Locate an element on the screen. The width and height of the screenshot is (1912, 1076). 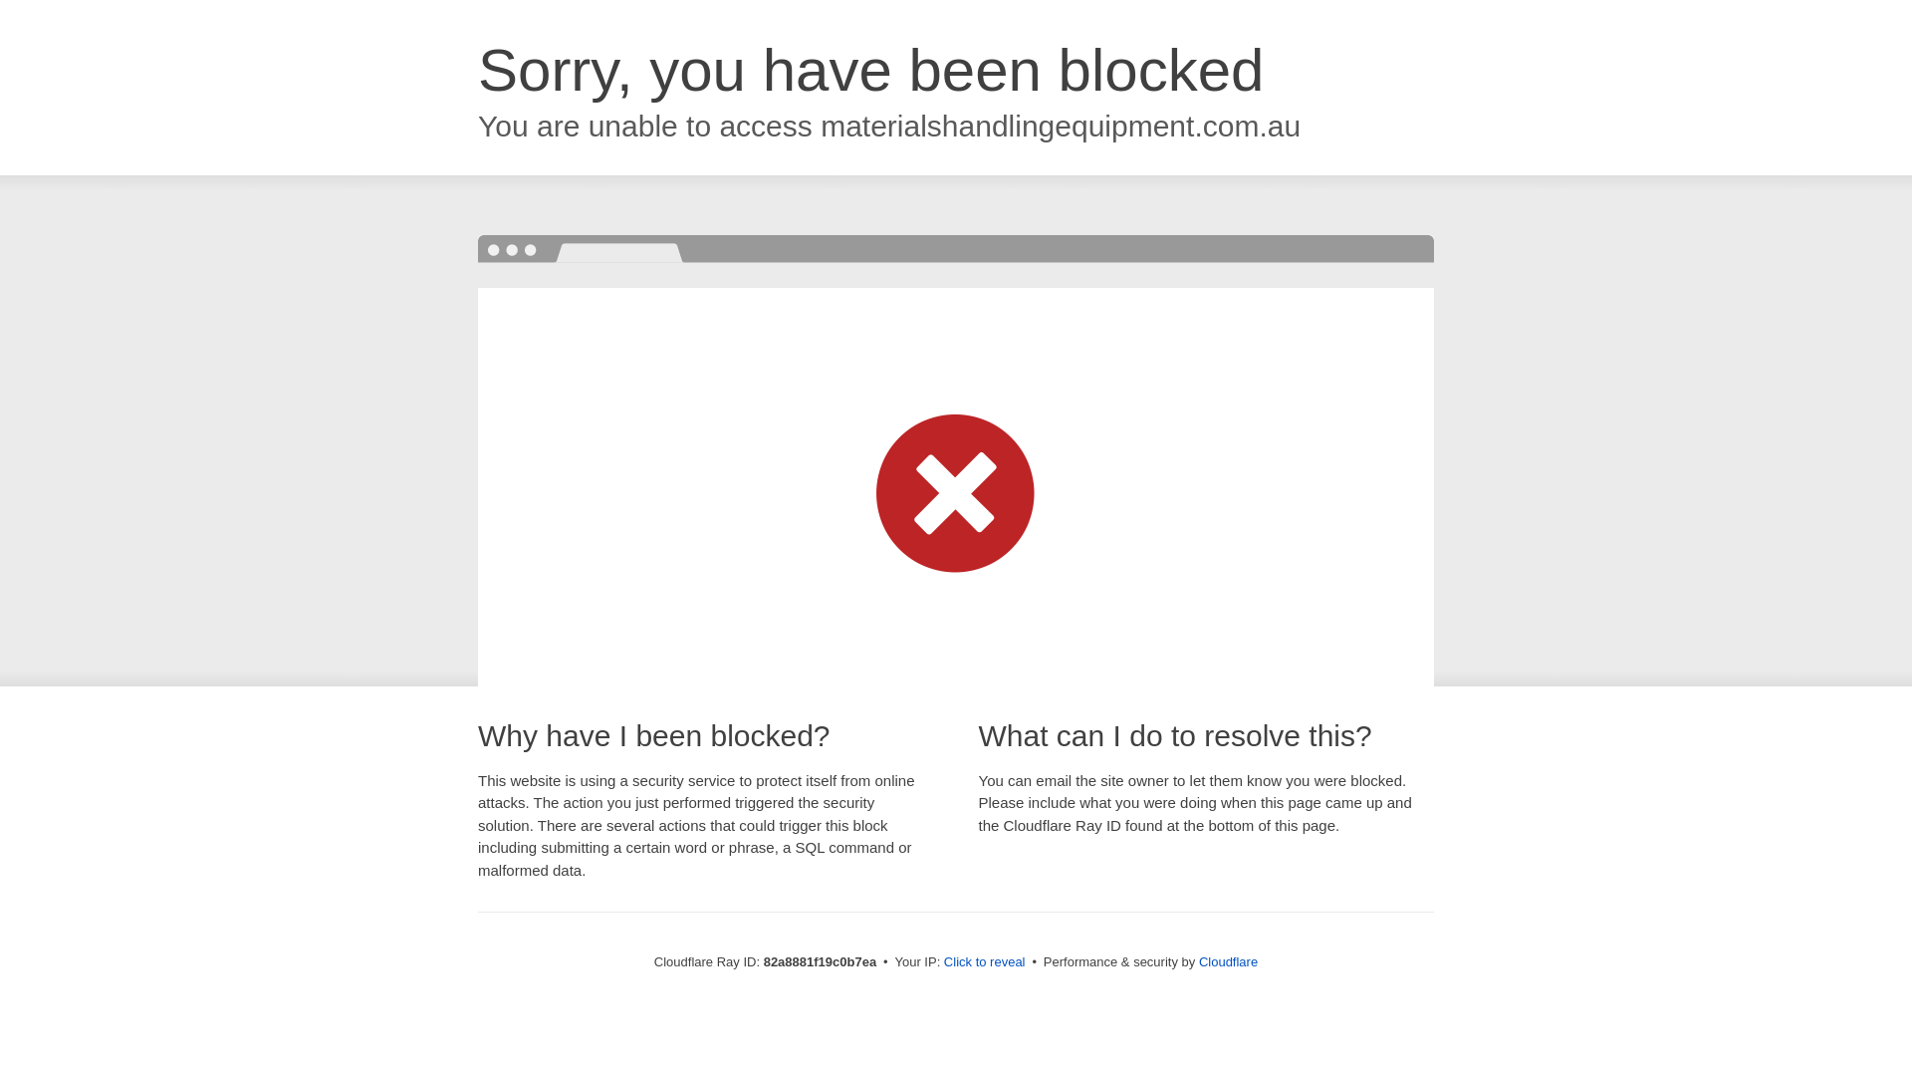
'Click to reveal' is located at coordinates (943, 960).